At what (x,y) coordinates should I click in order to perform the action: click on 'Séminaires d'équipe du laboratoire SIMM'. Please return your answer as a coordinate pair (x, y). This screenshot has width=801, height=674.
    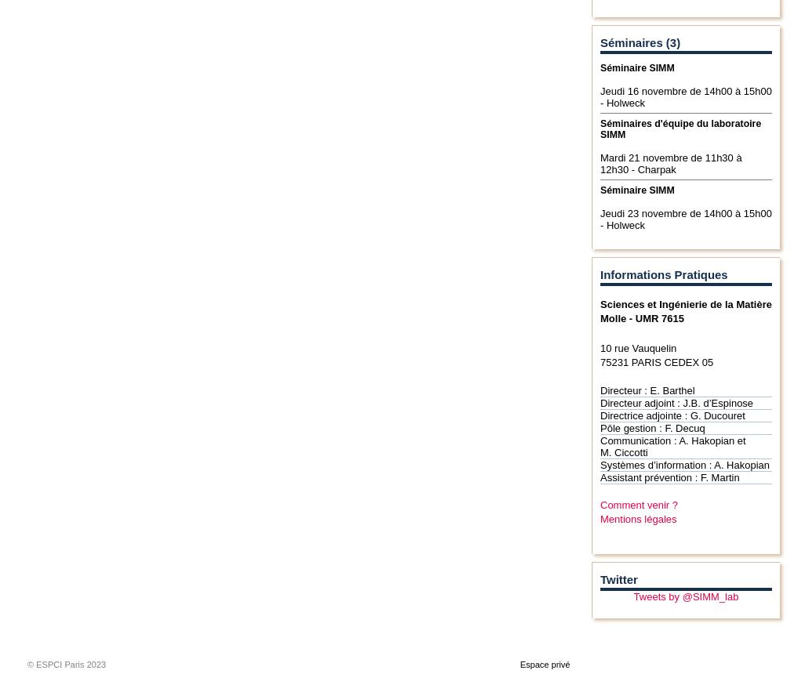
    Looking at the image, I should click on (680, 128).